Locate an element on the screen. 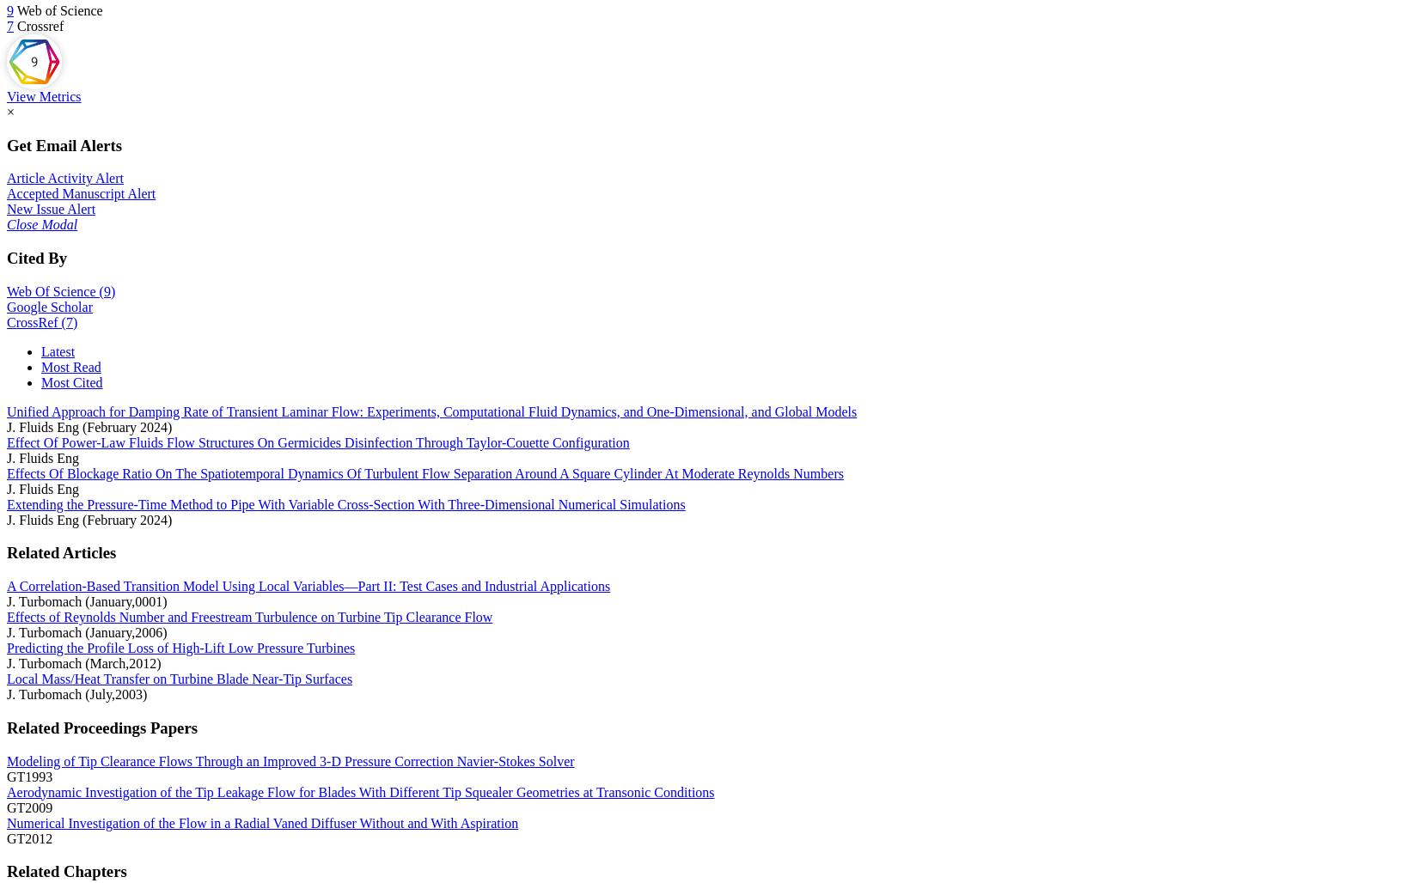 The width and height of the screenshot is (1423, 883). 'Most Cited' is located at coordinates (70, 381).